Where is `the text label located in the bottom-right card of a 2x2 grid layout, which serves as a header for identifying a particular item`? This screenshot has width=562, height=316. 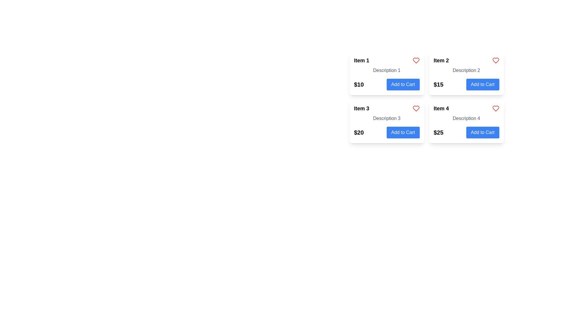
the text label located in the bottom-right card of a 2x2 grid layout, which serves as a header for identifying a particular item is located at coordinates (441, 108).